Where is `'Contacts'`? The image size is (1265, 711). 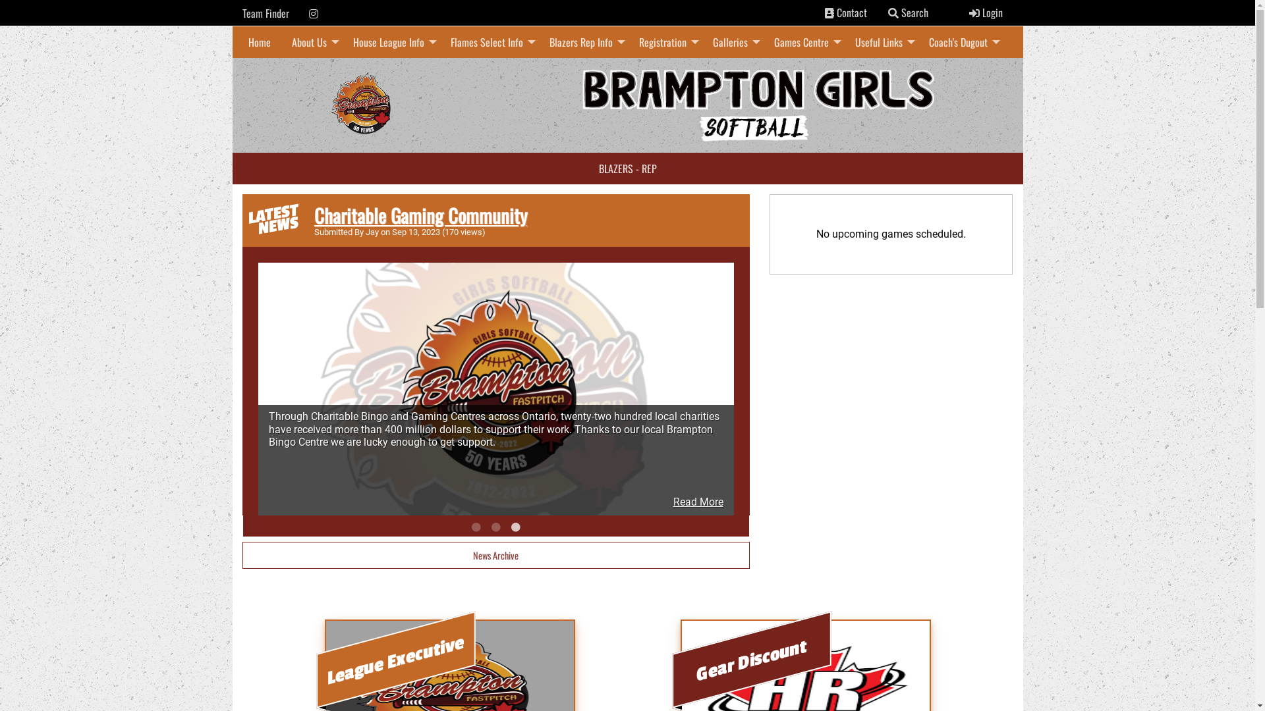
'Contacts' is located at coordinates (828, 13).